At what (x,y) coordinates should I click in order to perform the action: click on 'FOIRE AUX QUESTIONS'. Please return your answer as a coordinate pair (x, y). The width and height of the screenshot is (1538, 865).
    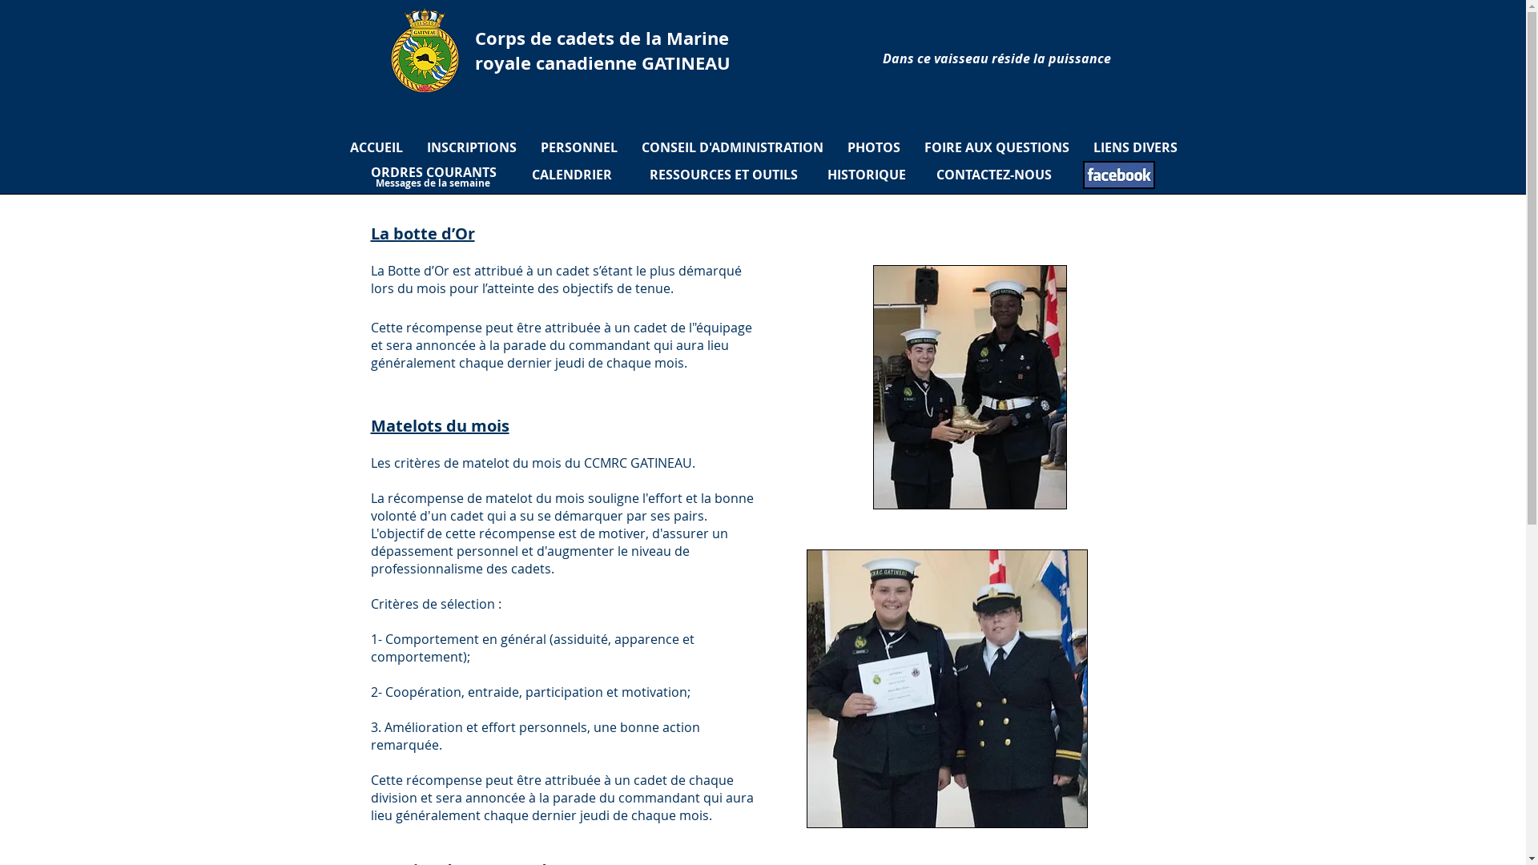
    Looking at the image, I should click on (995, 147).